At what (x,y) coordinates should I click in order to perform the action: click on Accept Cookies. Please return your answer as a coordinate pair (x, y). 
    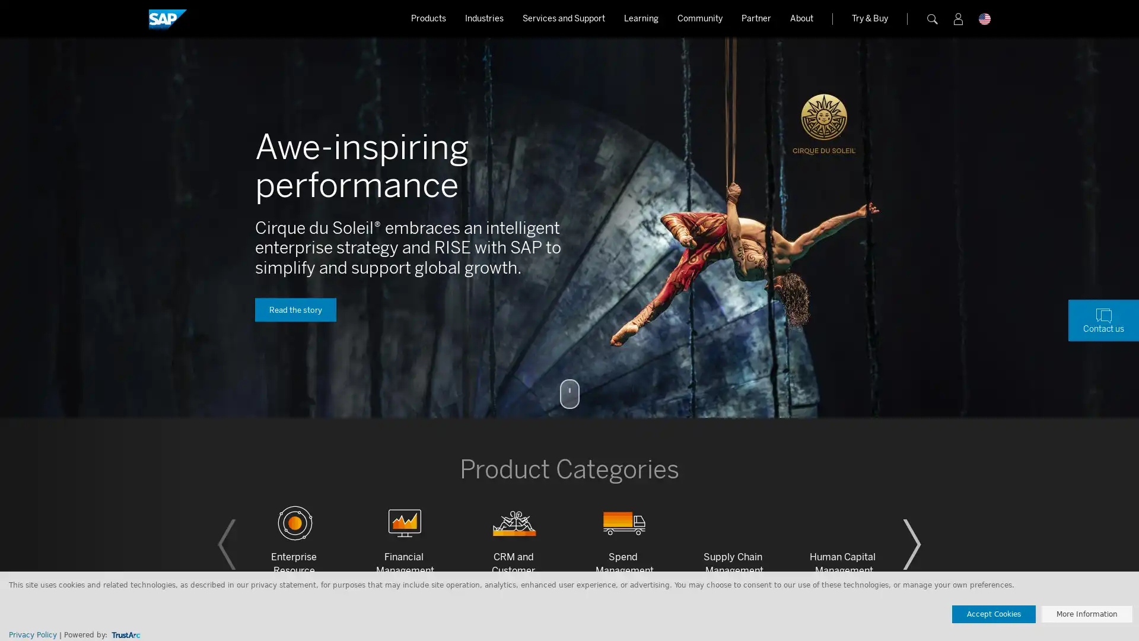
    Looking at the image, I should click on (994, 614).